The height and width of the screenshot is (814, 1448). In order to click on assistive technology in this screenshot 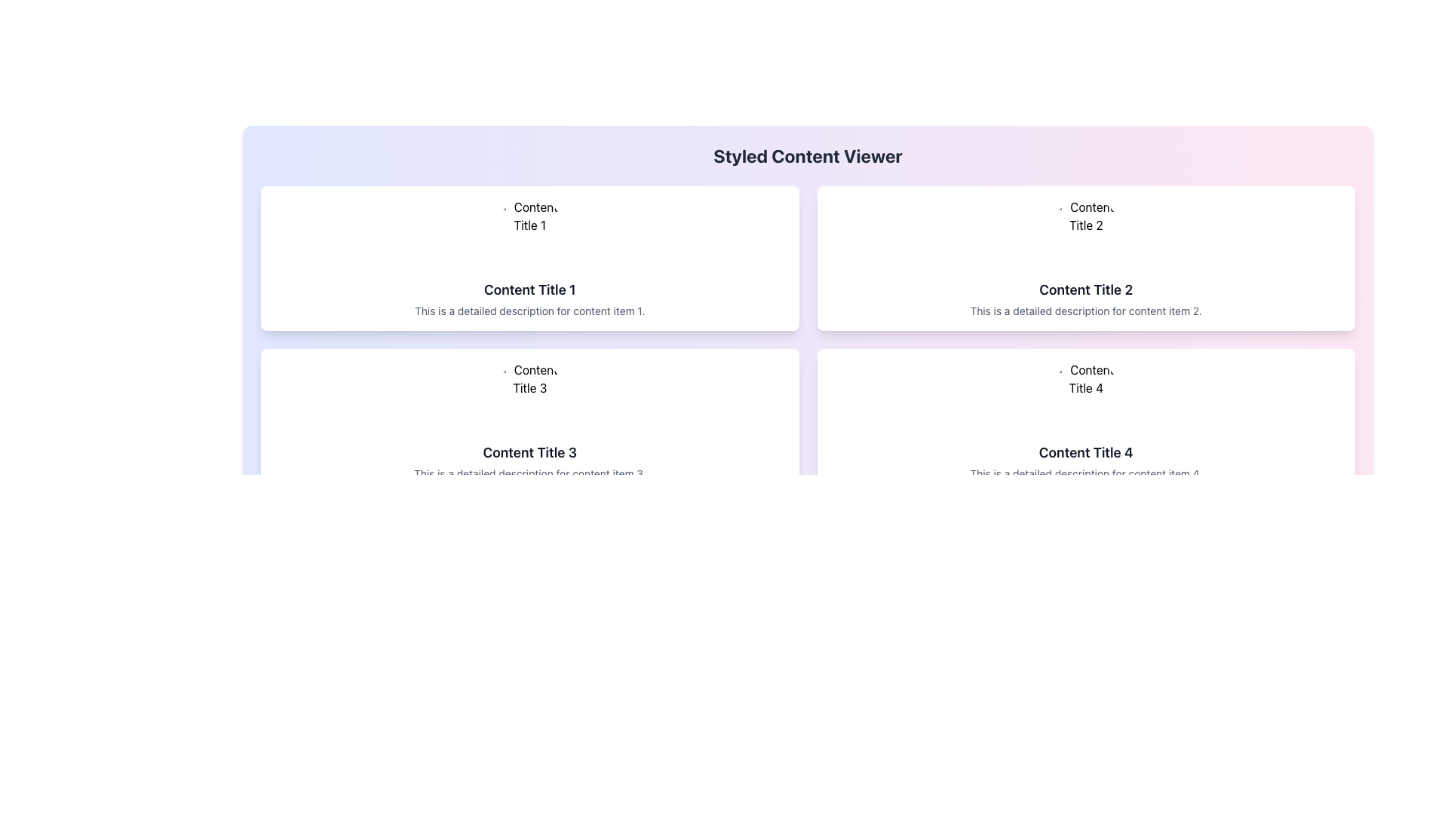, I will do `click(1086, 290)`.